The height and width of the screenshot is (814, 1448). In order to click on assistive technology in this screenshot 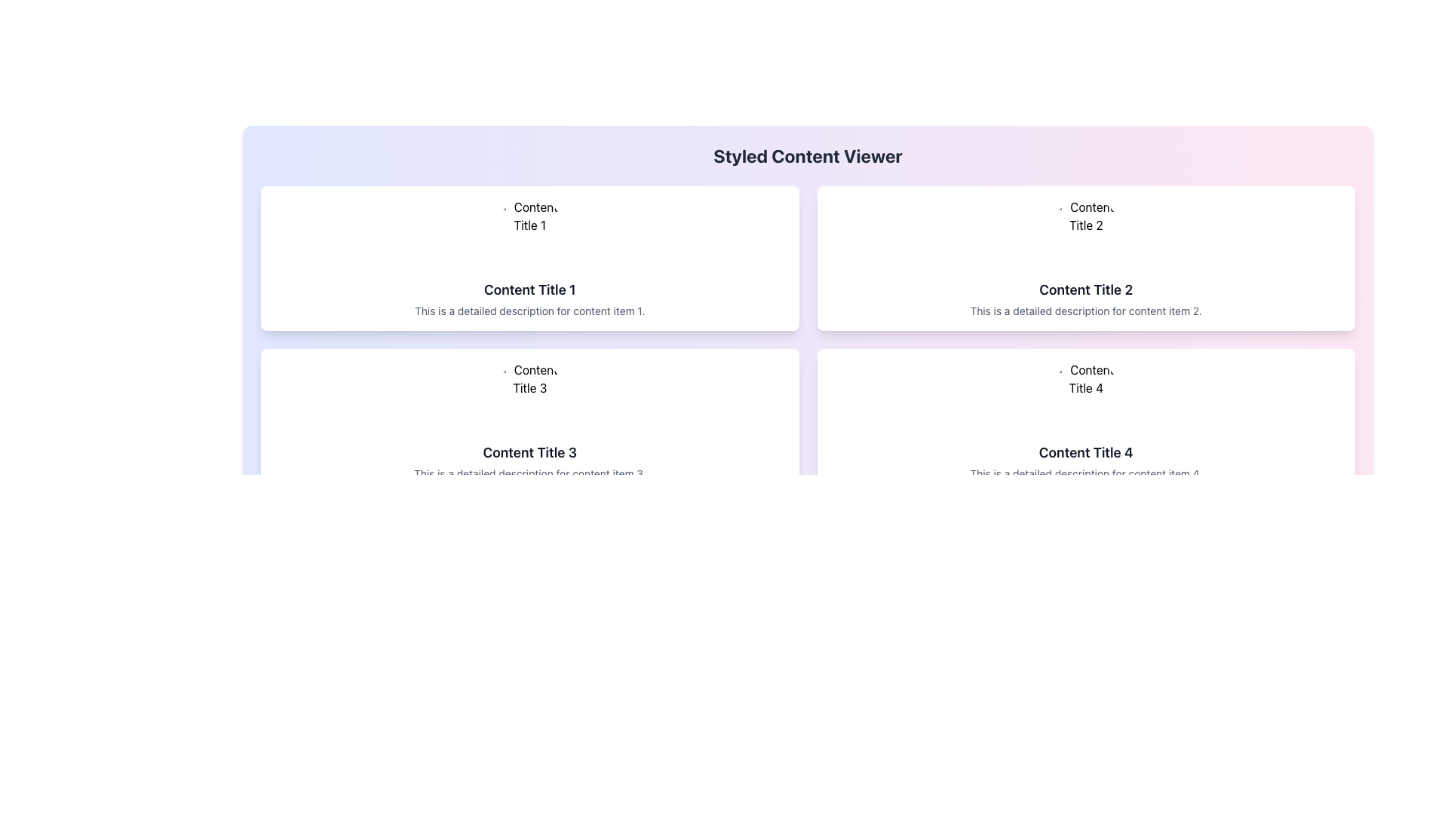, I will do `click(1086, 290)`.